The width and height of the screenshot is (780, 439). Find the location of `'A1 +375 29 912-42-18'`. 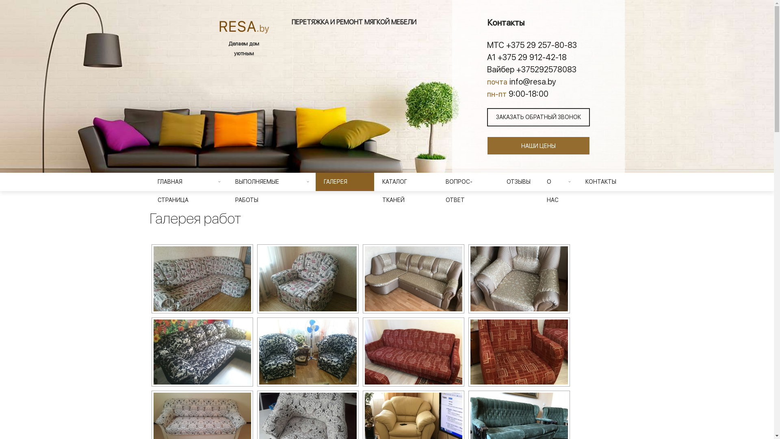

'A1 +375 29 912-42-18' is located at coordinates (538, 56).